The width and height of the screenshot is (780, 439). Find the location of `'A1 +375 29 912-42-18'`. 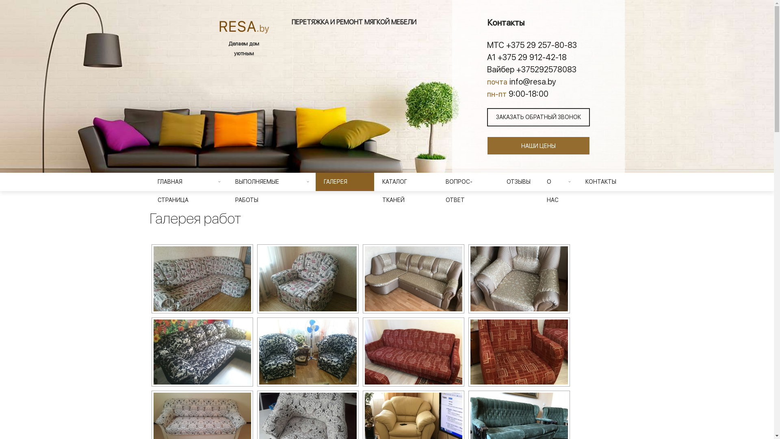

'A1 +375 29 912-42-18' is located at coordinates (538, 56).